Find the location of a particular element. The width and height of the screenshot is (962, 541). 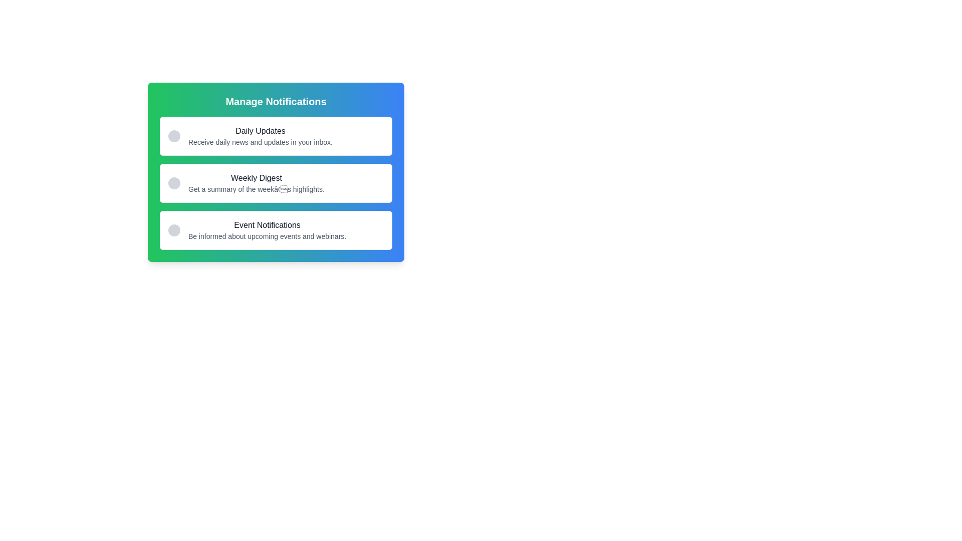

the notification section located within the 'Manage Notifications' group, positioned beneath the 'Weekly Digest' section is located at coordinates (267, 230).